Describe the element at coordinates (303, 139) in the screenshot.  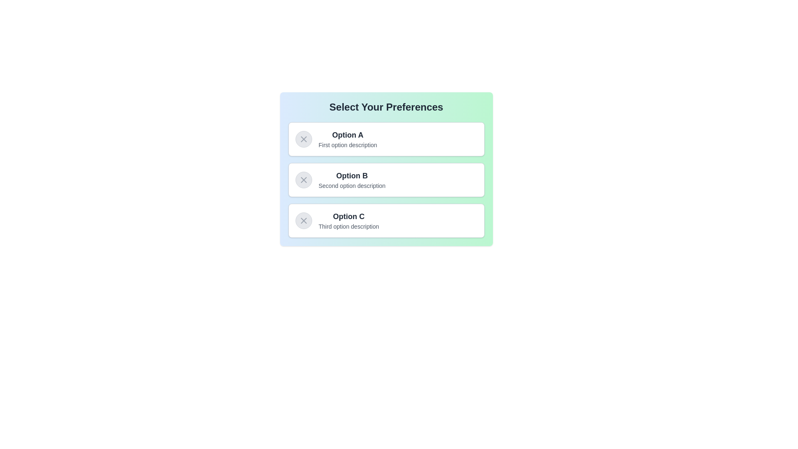
I see `the cross or 'X' icon to deselect or close 'Option A' in the options list` at that location.